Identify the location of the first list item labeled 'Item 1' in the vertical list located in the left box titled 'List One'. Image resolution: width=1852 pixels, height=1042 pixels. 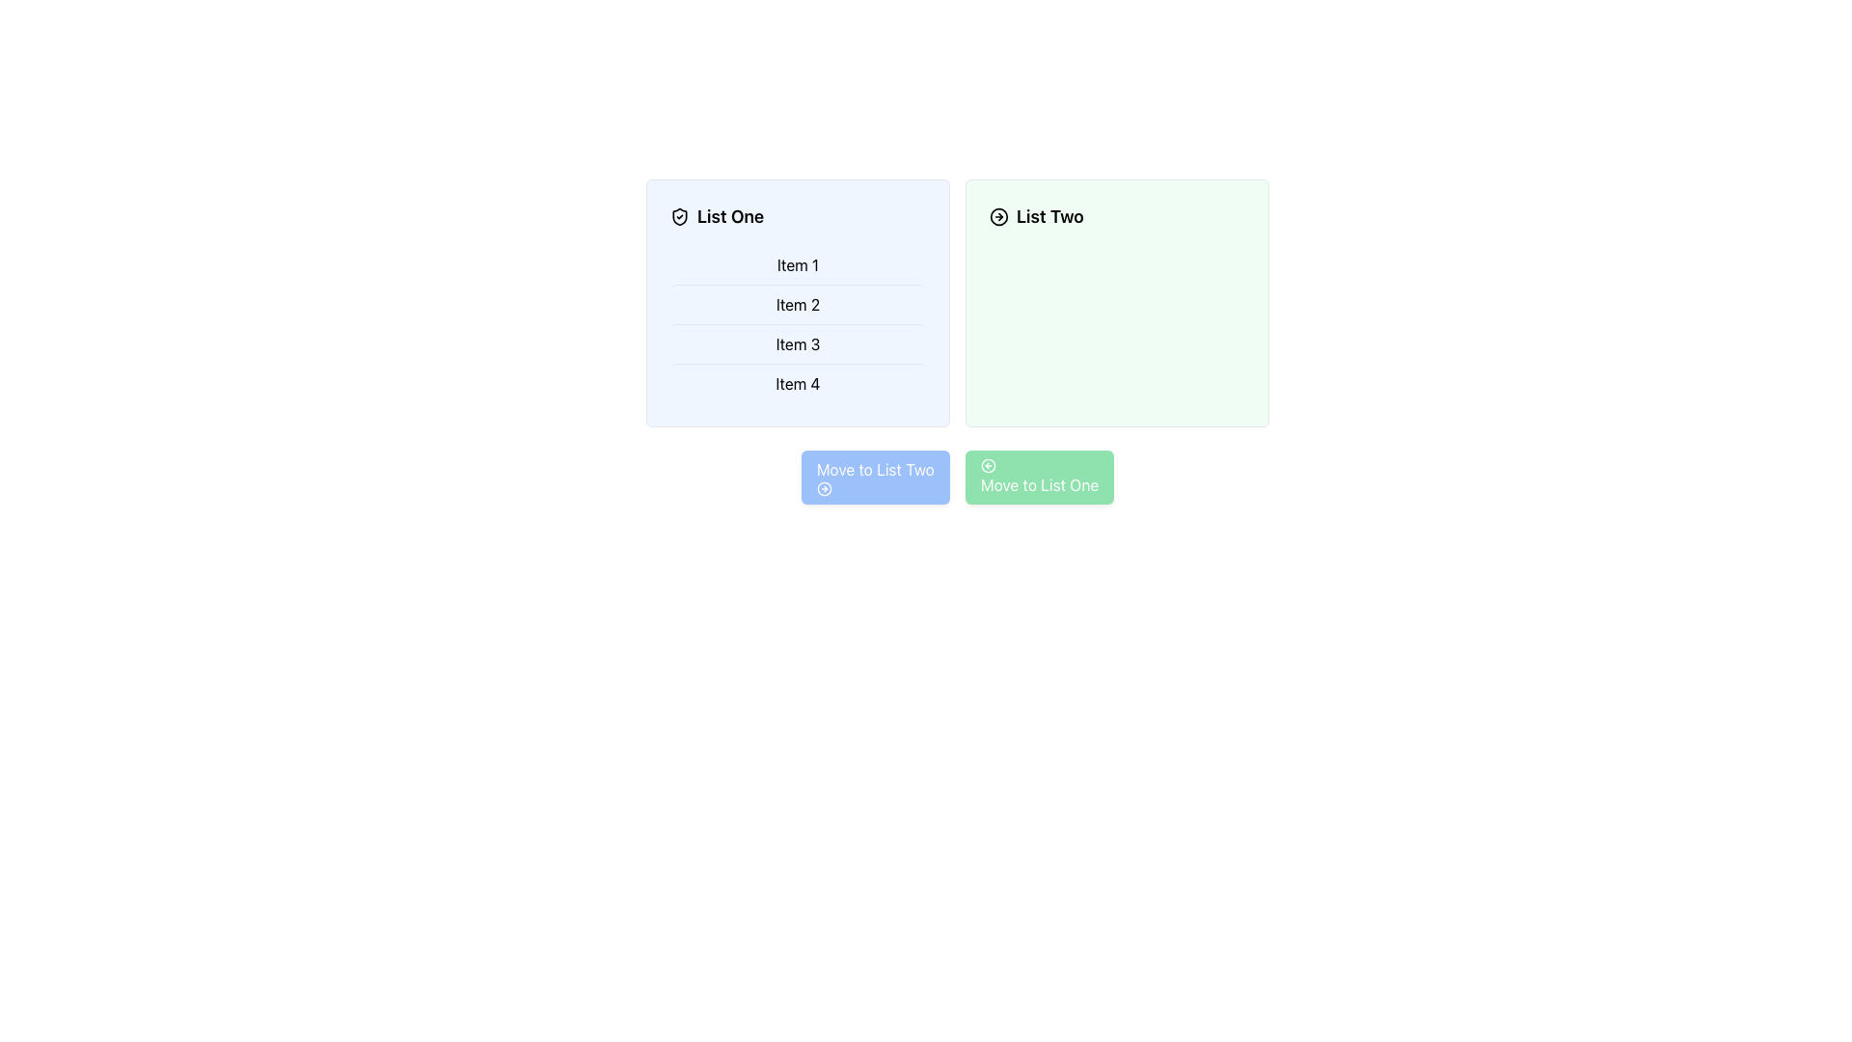
(798, 264).